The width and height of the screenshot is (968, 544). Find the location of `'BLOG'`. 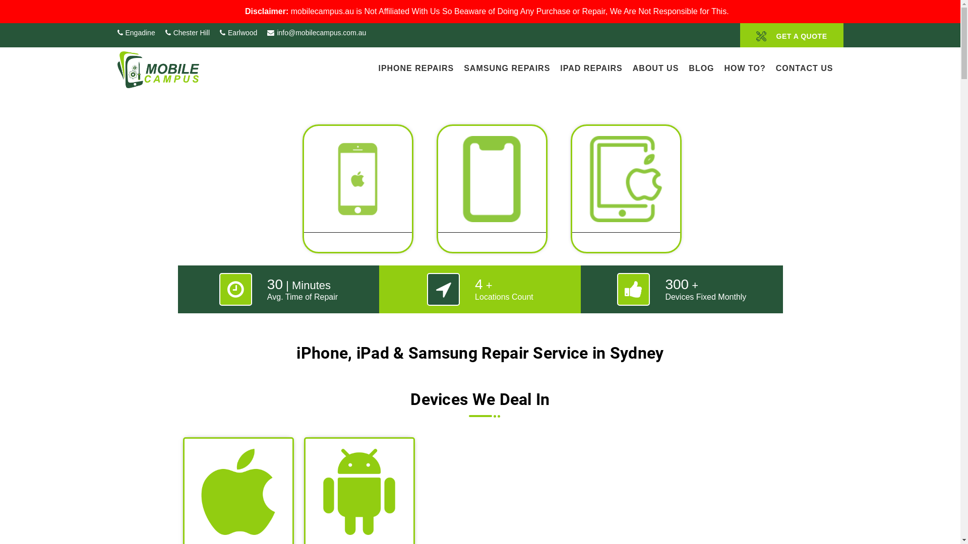

'BLOG' is located at coordinates (701, 67).